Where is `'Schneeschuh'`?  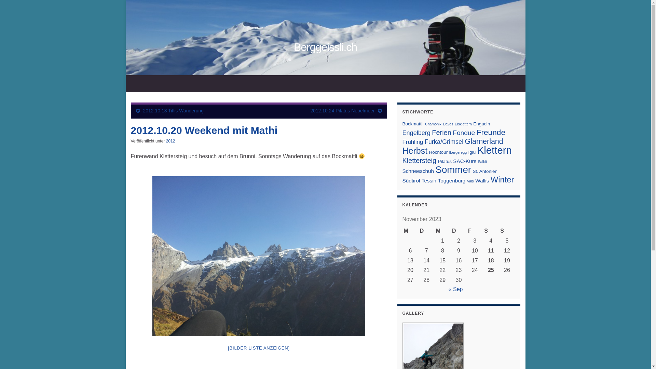
'Schneeschuh' is located at coordinates (418, 170).